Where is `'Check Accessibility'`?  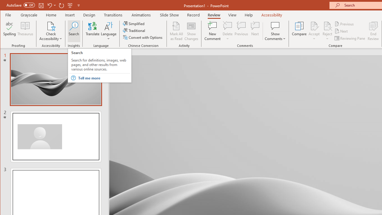 'Check Accessibility' is located at coordinates (51, 31).